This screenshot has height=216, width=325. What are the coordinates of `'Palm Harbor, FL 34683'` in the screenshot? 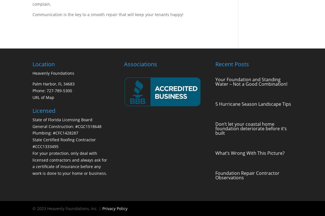 It's located at (53, 84).